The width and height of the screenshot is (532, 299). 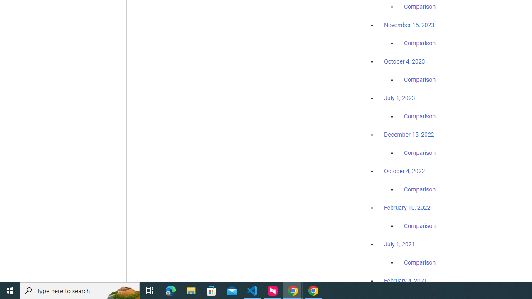 I want to click on 'July 1, 2023', so click(x=399, y=98).